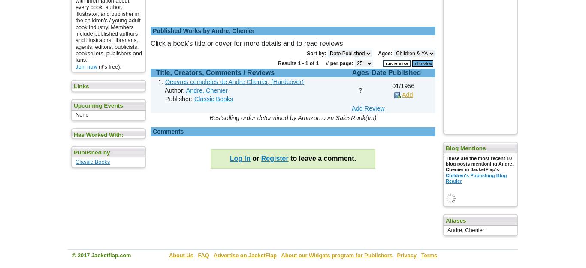 This screenshot has width=586, height=268. Describe the element at coordinates (175, 98) in the screenshot. I see `'Publisher:'` at that location.